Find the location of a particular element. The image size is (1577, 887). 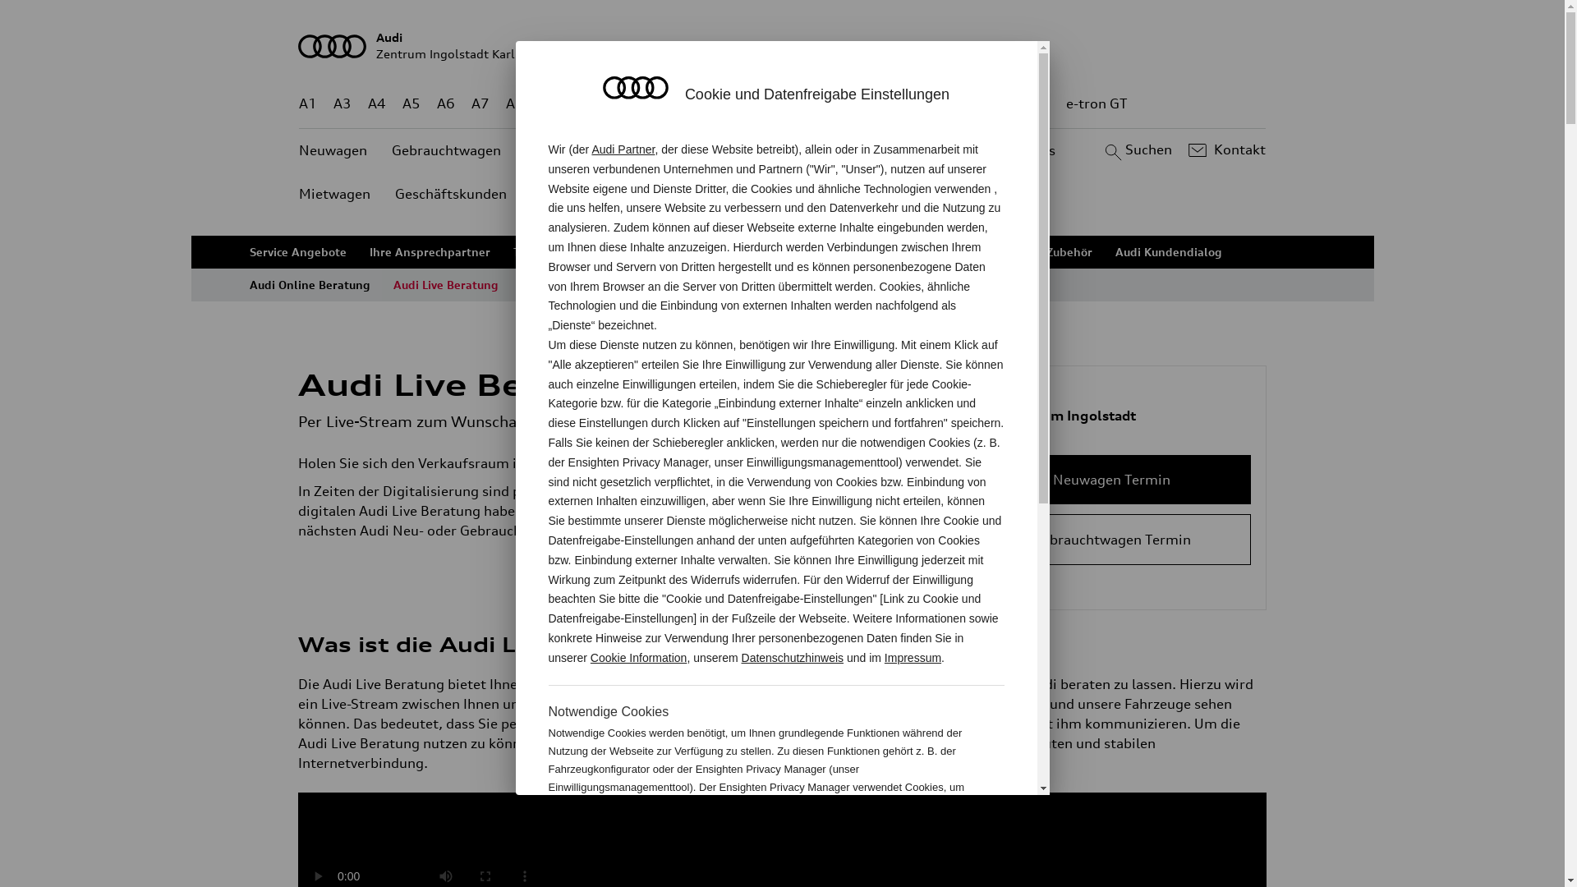

'Q3' is located at coordinates (575, 103).